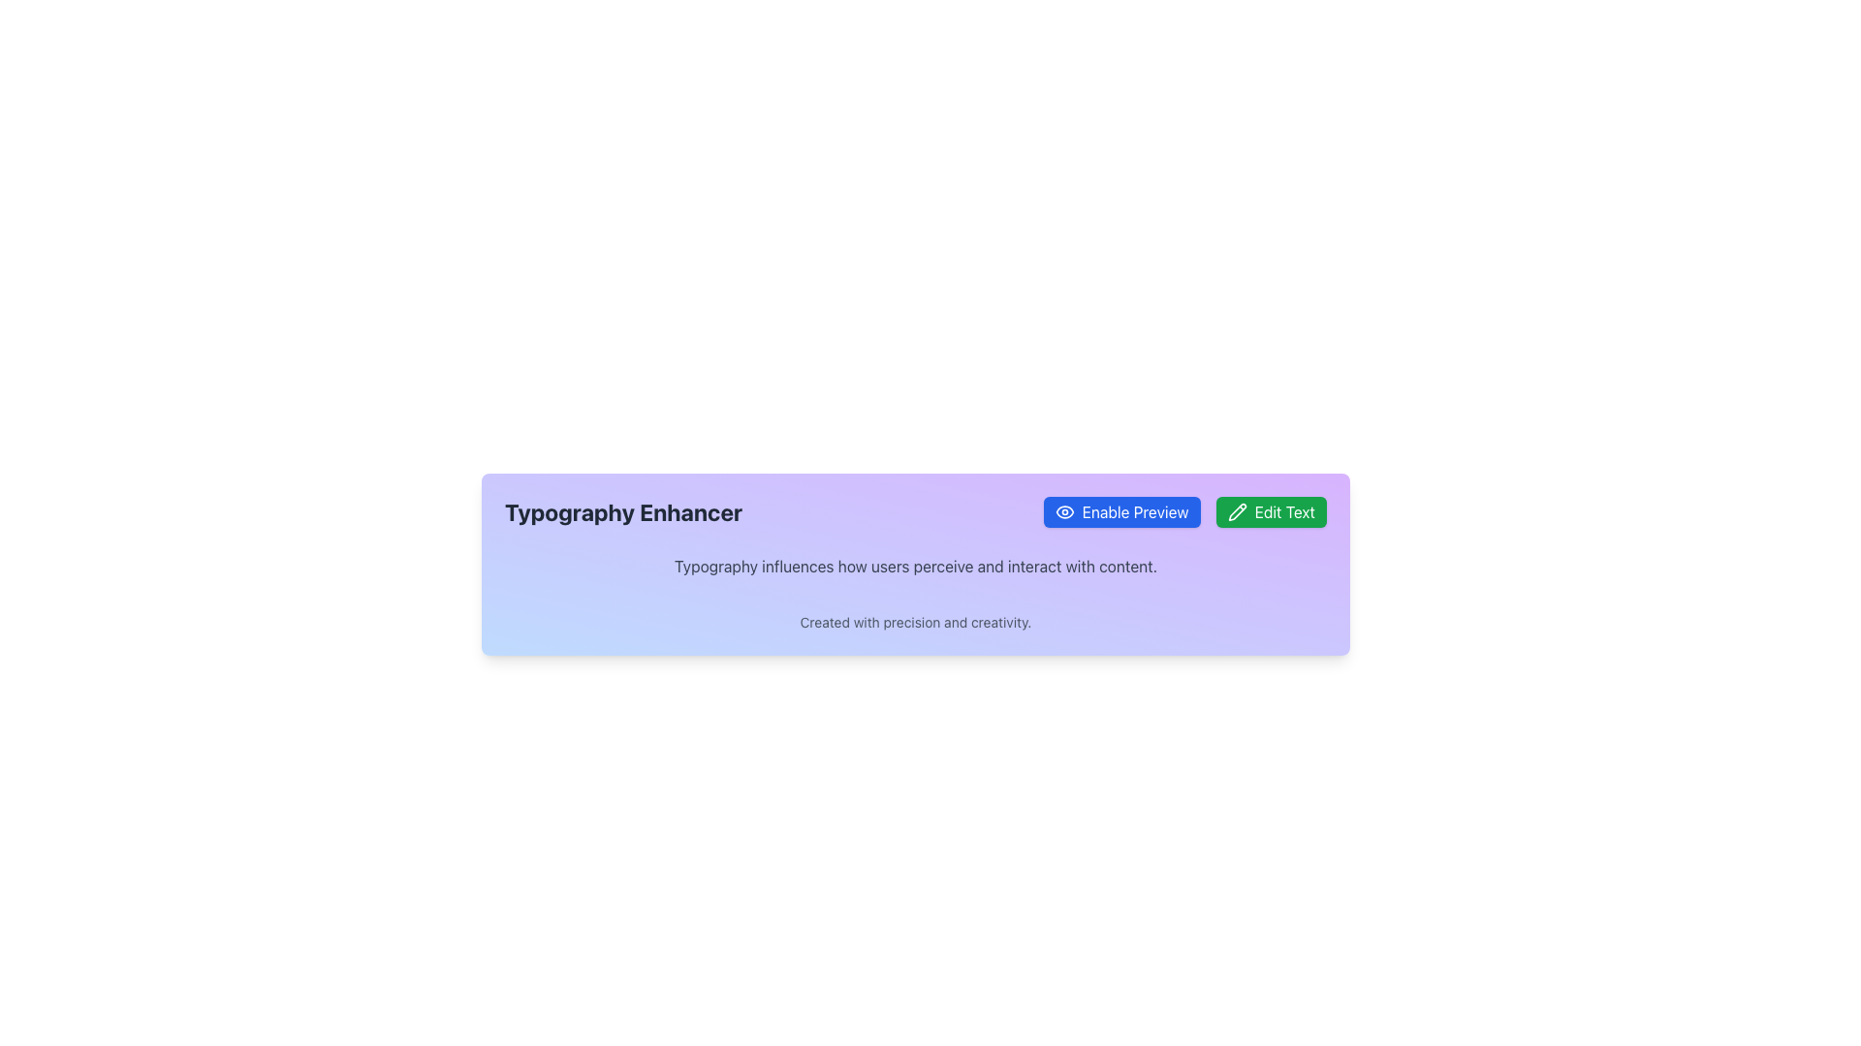 This screenshot has height=1046, width=1861. I want to click on the 'Edit Text' button, which is the second button under the 'Typography Enhancer' section, to the right of the 'Enable Preview' button, featuring a green background, rounded corners, white text, and a pencil icon, so click(1271, 510).